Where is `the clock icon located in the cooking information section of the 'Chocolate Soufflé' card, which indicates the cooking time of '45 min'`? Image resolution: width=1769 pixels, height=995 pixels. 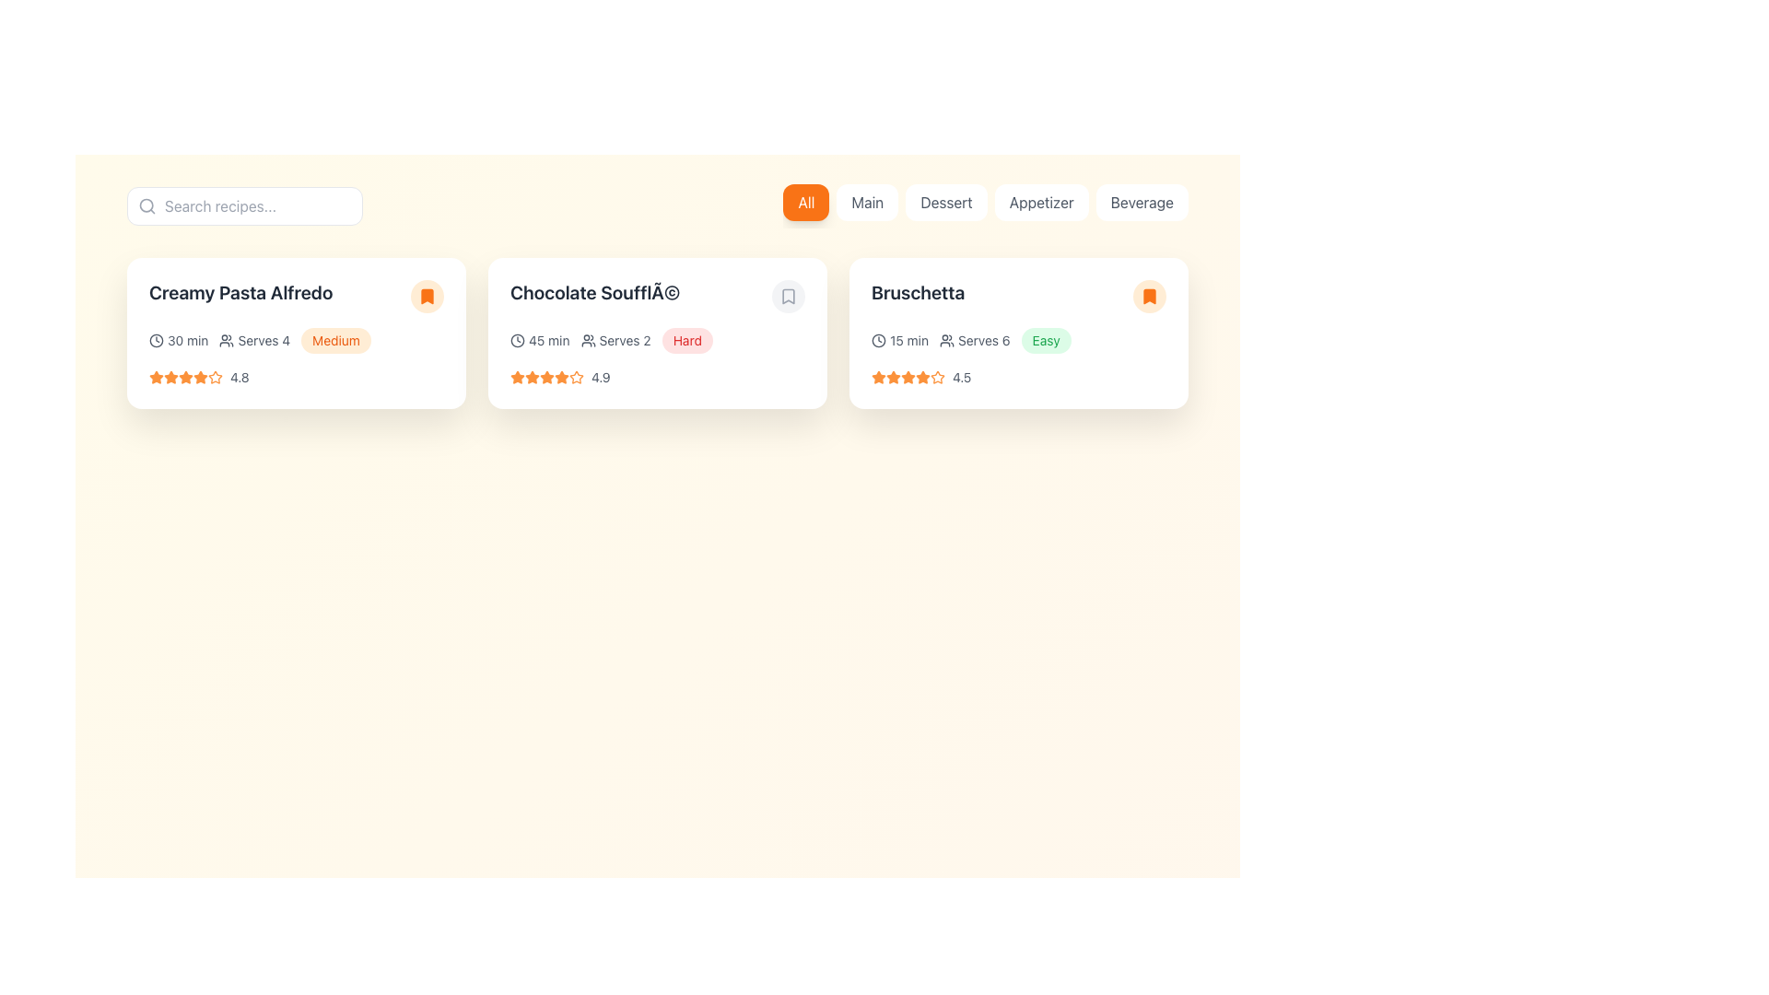 the clock icon located in the cooking information section of the 'Chocolate Soufflé' card, which indicates the cooking time of '45 min' is located at coordinates (516, 341).